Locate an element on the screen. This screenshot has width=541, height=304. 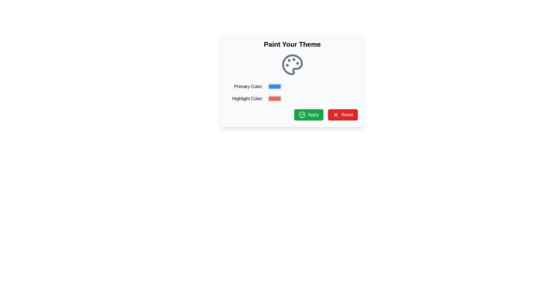
the decorative icon within the 'Reset' button, located at the bottom-right corner of the card-like panel is located at coordinates (336, 115).